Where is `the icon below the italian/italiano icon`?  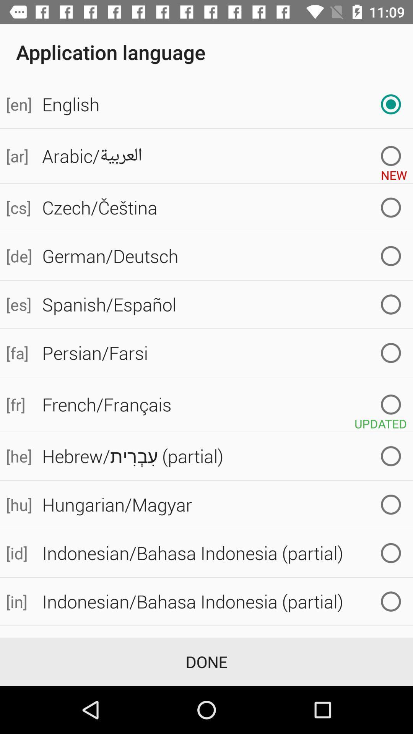 the icon below the italian/italiano icon is located at coordinates (206, 661).